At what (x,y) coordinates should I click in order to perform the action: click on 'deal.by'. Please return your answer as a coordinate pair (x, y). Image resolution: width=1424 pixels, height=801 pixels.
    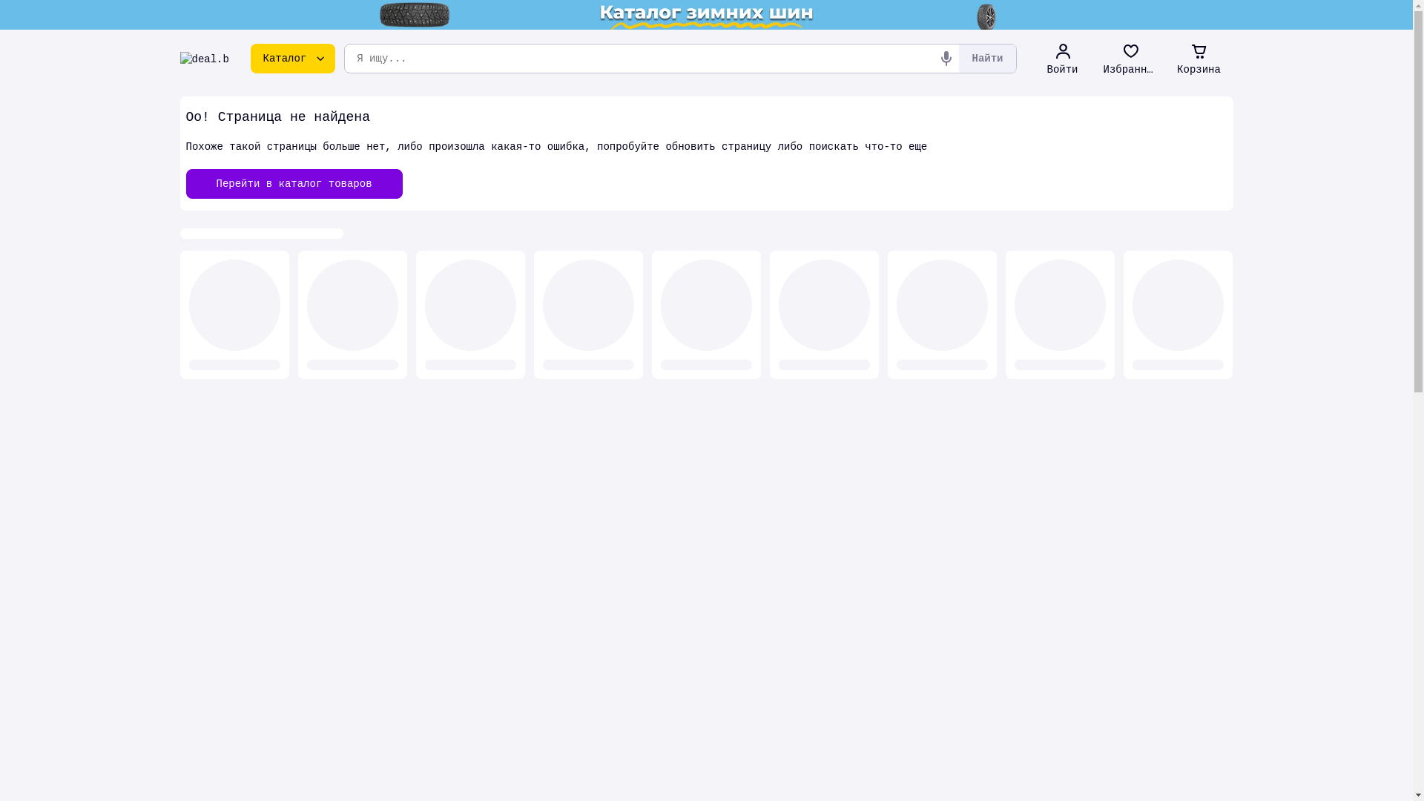
    Looking at the image, I should click on (203, 57).